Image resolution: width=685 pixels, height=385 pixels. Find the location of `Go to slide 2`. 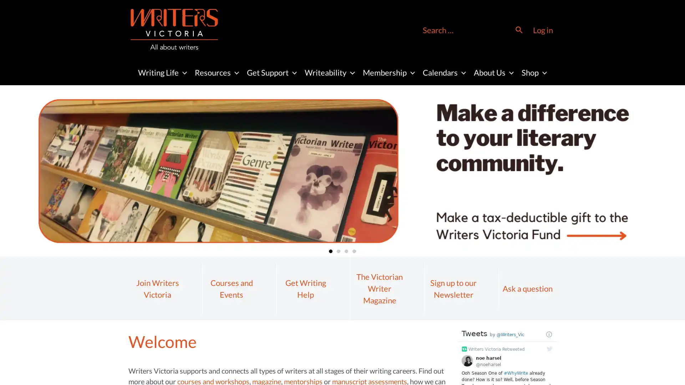

Go to slide 2 is located at coordinates (338, 251).